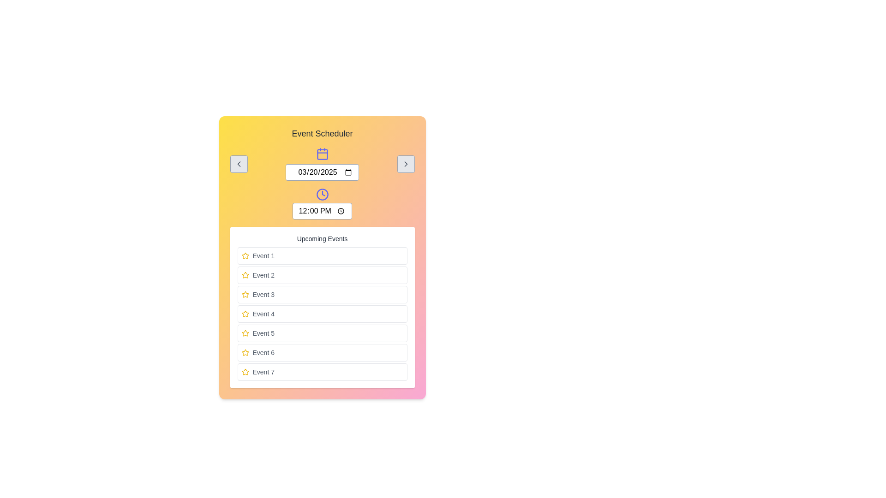 This screenshot has width=886, height=498. What do you see at coordinates (323, 193) in the screenshot?
I see `triangular pointer element of the clock icon, which is styled with an indigo hue and located at the center of the clock, for debug or styling purposes` at bounding box center [323, 193].